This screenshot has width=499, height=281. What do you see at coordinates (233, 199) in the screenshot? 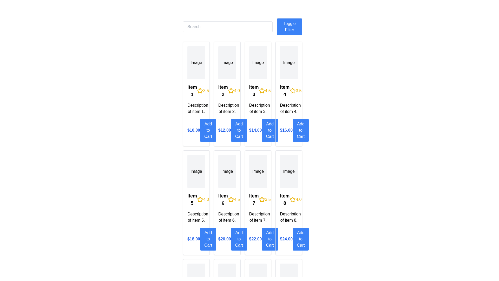
I see `rating value displayed in the Rating display for Item 6, which shows a star icon and the numeric value '4.5'` at bounding box center [233, 199].